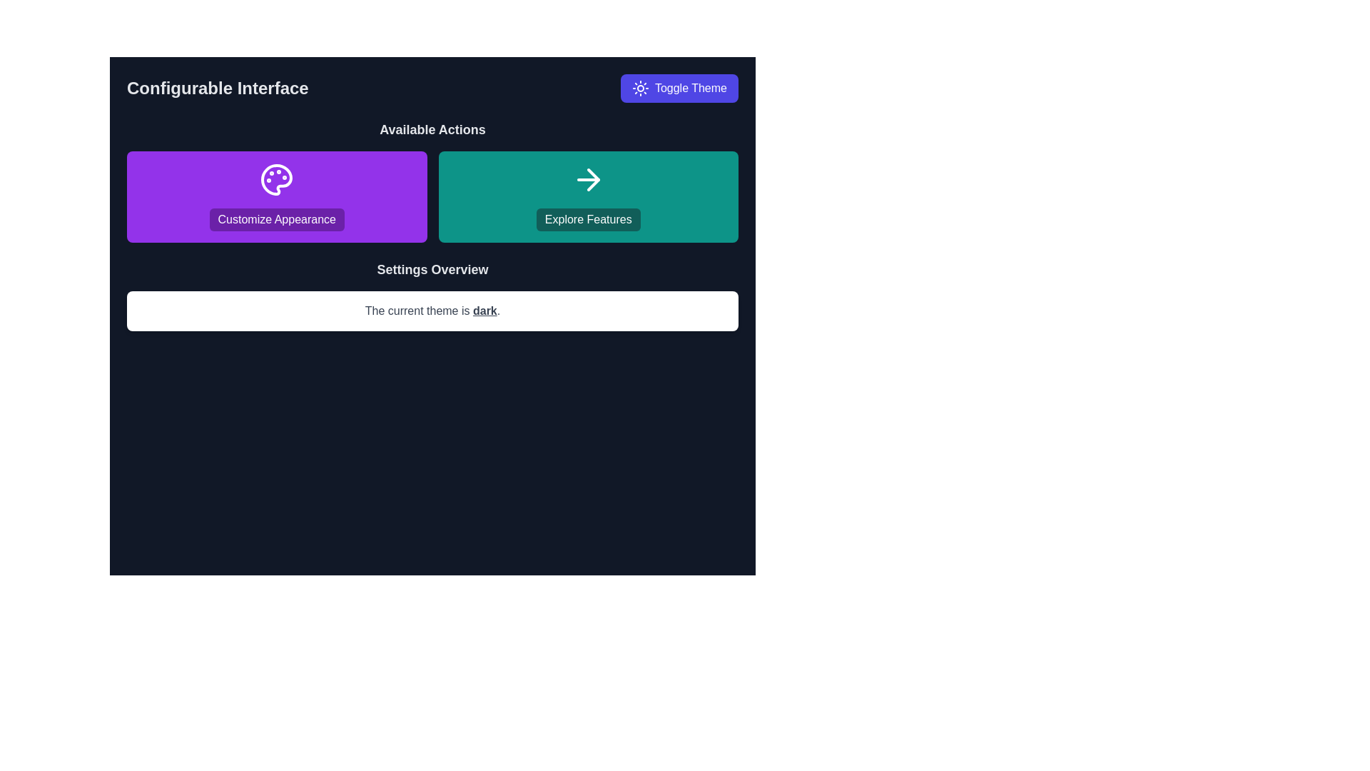  Describe the element at coordinates (484, 310) in the screenshot. I see `the emphasized text label 'dark', styled with bold typography and an underline, located within the sentence 'The current theme is dark.' in a central white text box on a dark background` at that location.